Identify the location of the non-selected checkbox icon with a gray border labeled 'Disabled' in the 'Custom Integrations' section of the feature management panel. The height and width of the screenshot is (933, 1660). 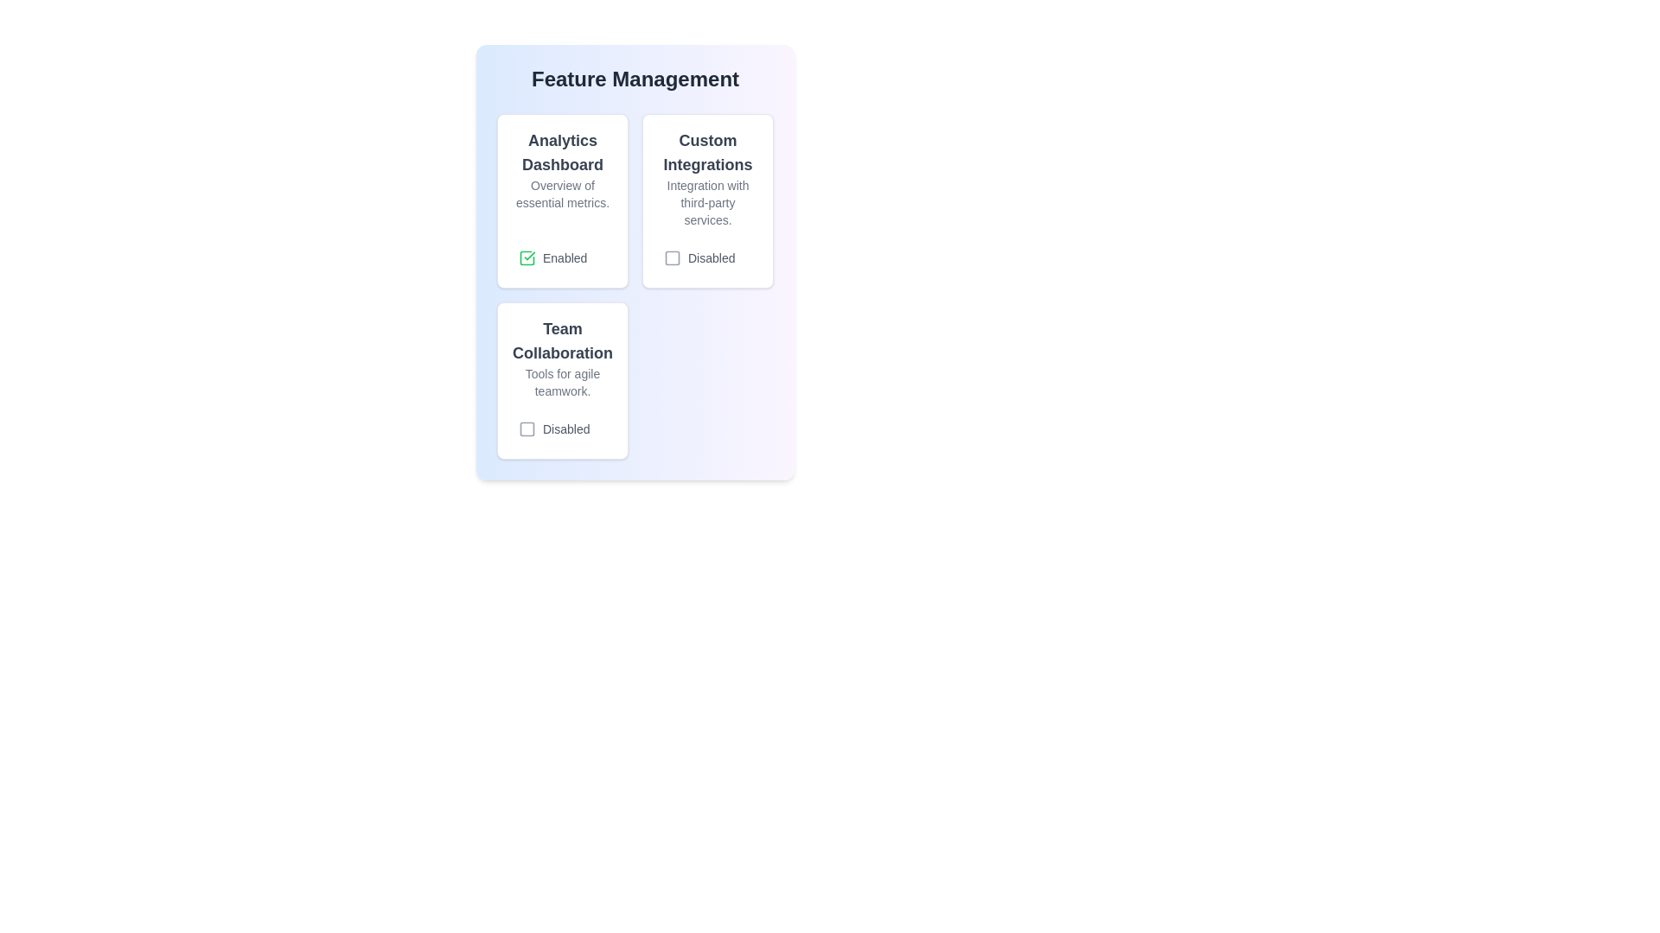
(671, 258).